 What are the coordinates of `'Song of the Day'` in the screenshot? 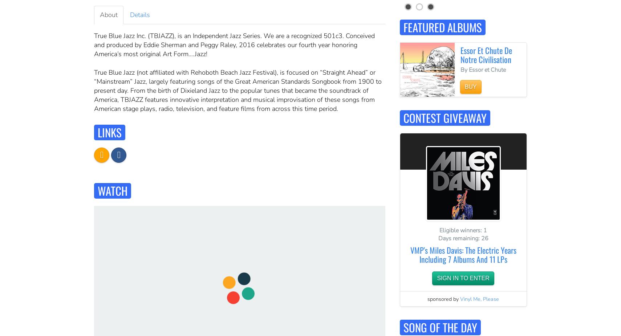 It's located at (439, 327).